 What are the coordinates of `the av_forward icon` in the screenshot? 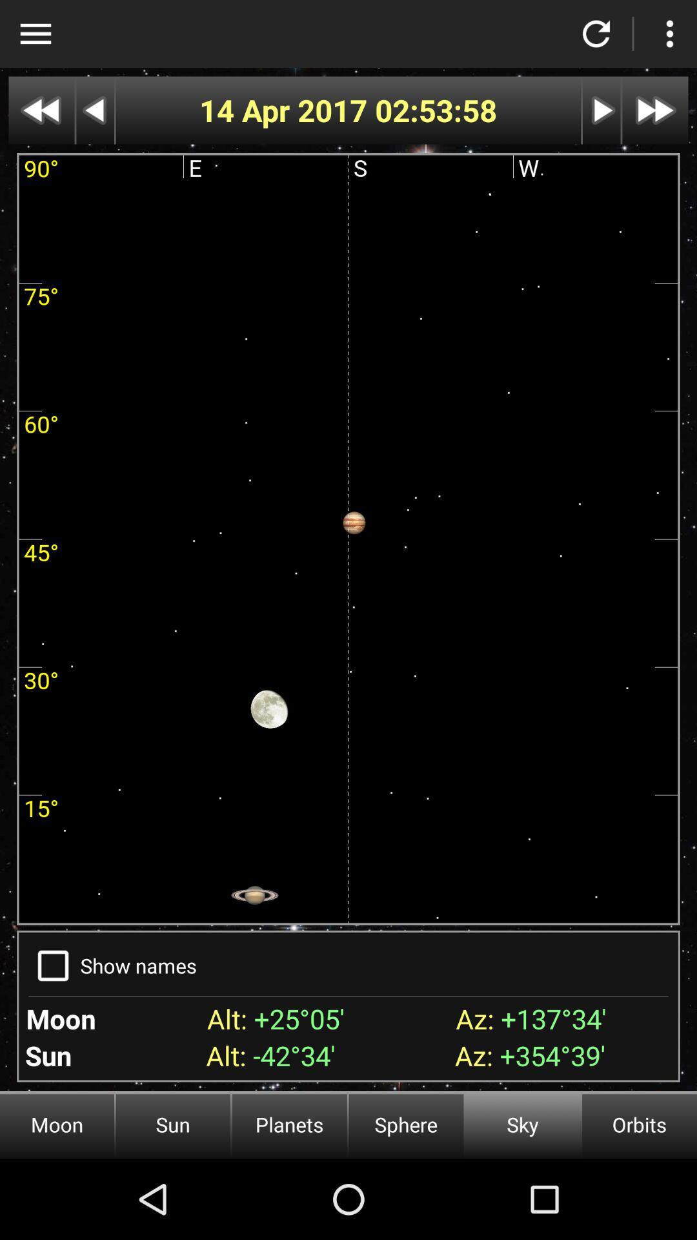 It's located at (655, 110).